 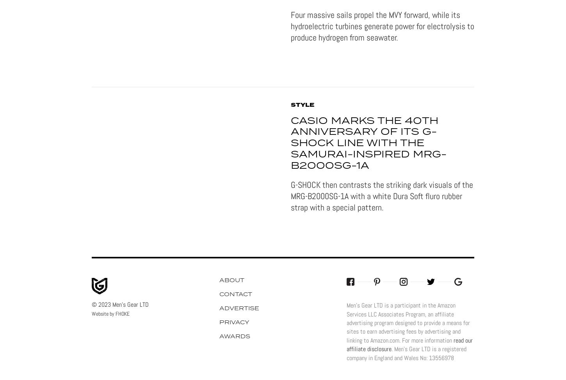 What do you see at coordinates (408, 322) in the screenshot?
I see `'Men's Gear LTD is a participant in the Amazon Services LLC Associates Program, an affiliate advertising program designed to provide a means for sites to earn advertising fees by advertising and linking to Amazon.com. For more information'` at bounding box center [408, 322].